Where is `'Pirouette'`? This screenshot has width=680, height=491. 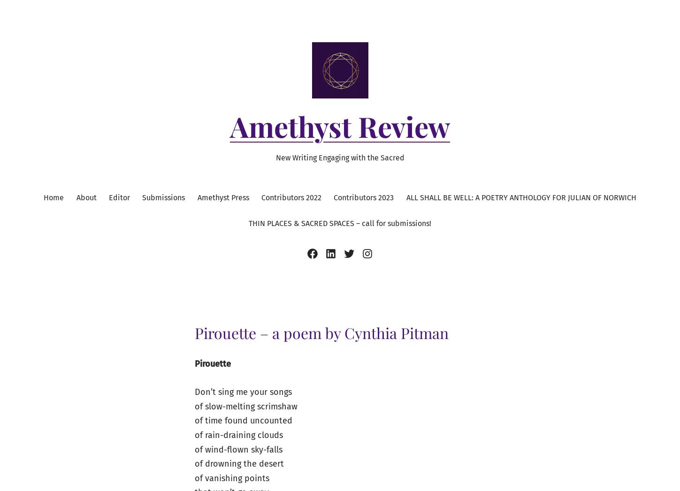 'Pirouette' is located at coordinates (212, 363).